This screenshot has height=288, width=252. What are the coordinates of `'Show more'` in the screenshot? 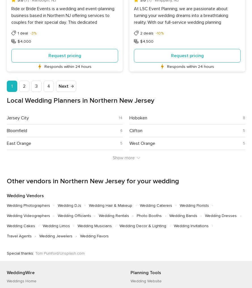 It's located at (123, 157).